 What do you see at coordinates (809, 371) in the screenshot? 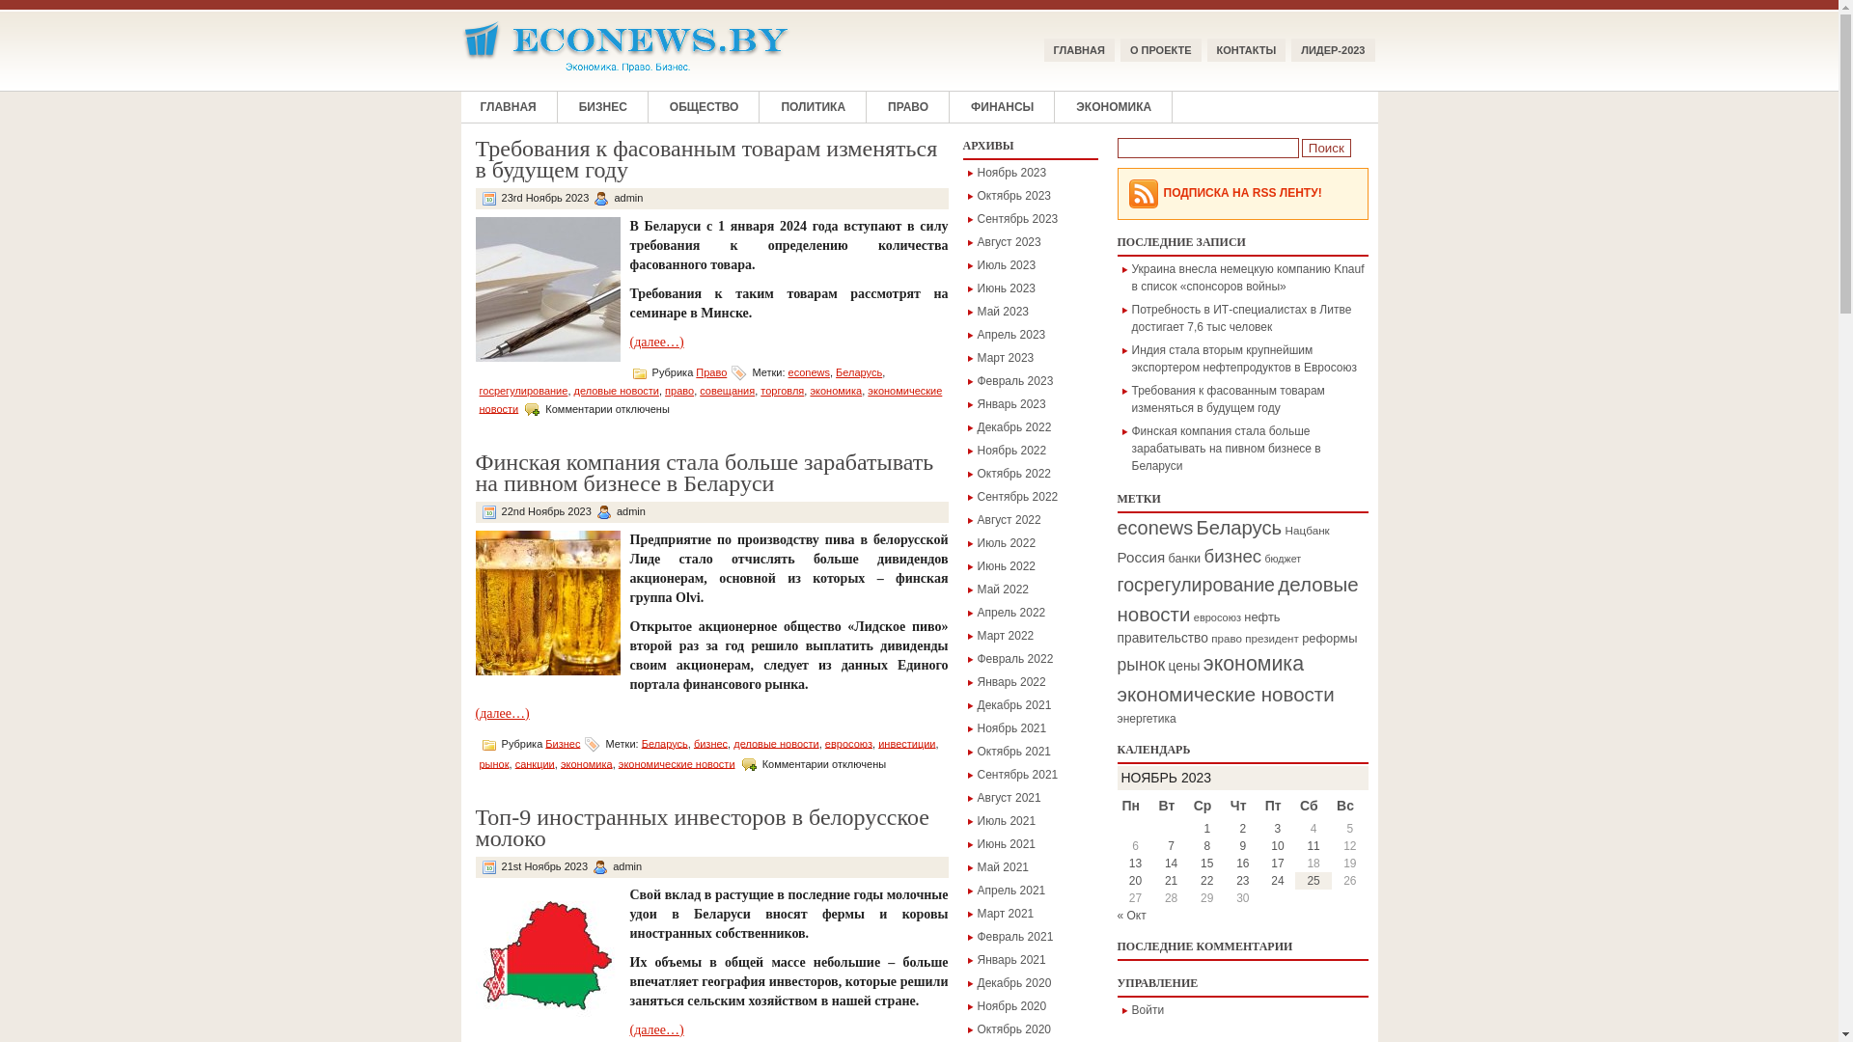
I see `'econews'` at bounding box center [809, 371].